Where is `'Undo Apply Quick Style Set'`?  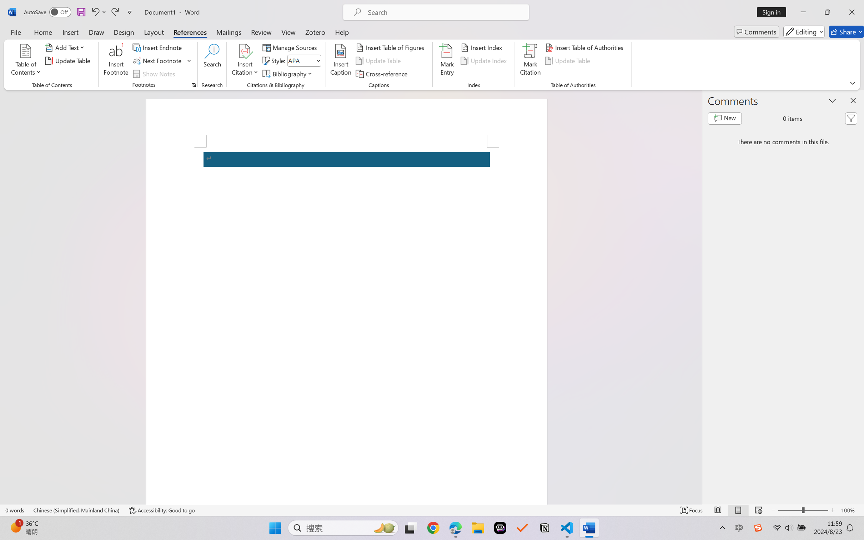
'Undo Apply Quick Style Set' is located at coordinates (95, 12).